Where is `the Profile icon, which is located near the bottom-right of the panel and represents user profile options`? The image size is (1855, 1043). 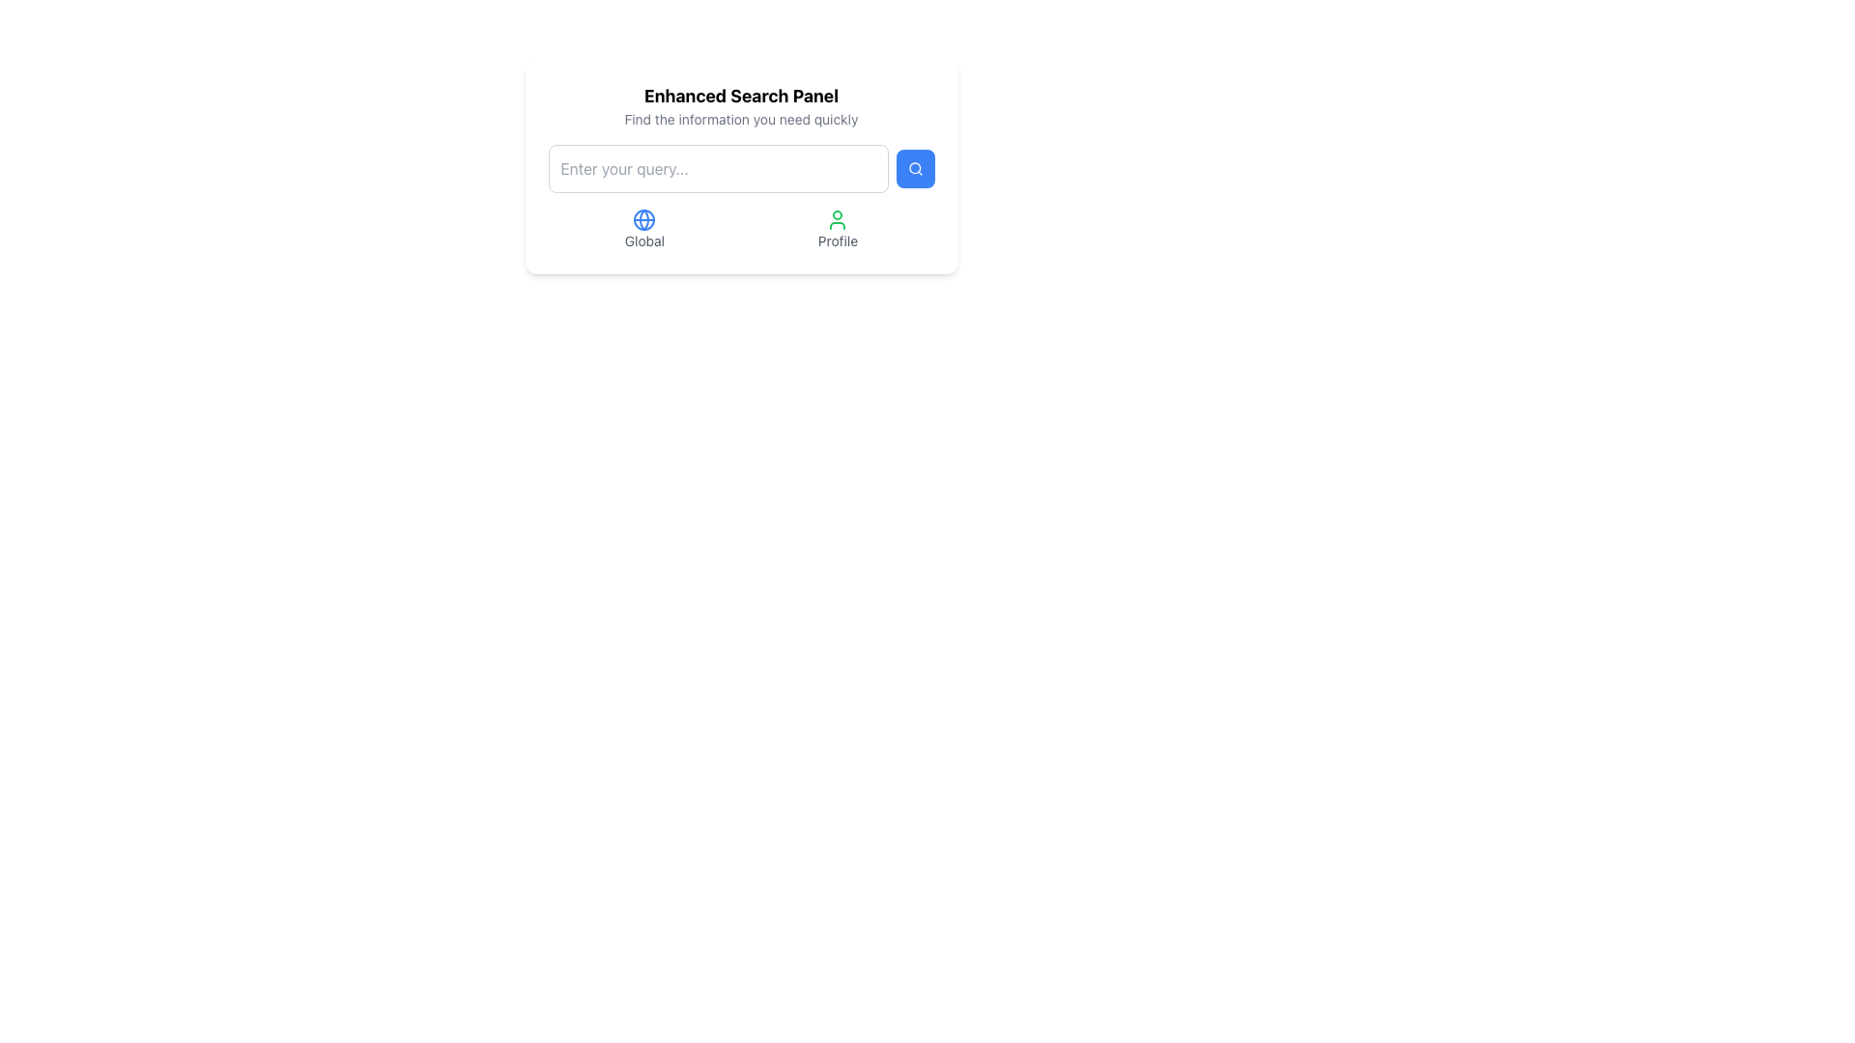
the Profile icon, which is located near the bottom-right of the panel and represents user profile options is located at coordinates (838, 218).